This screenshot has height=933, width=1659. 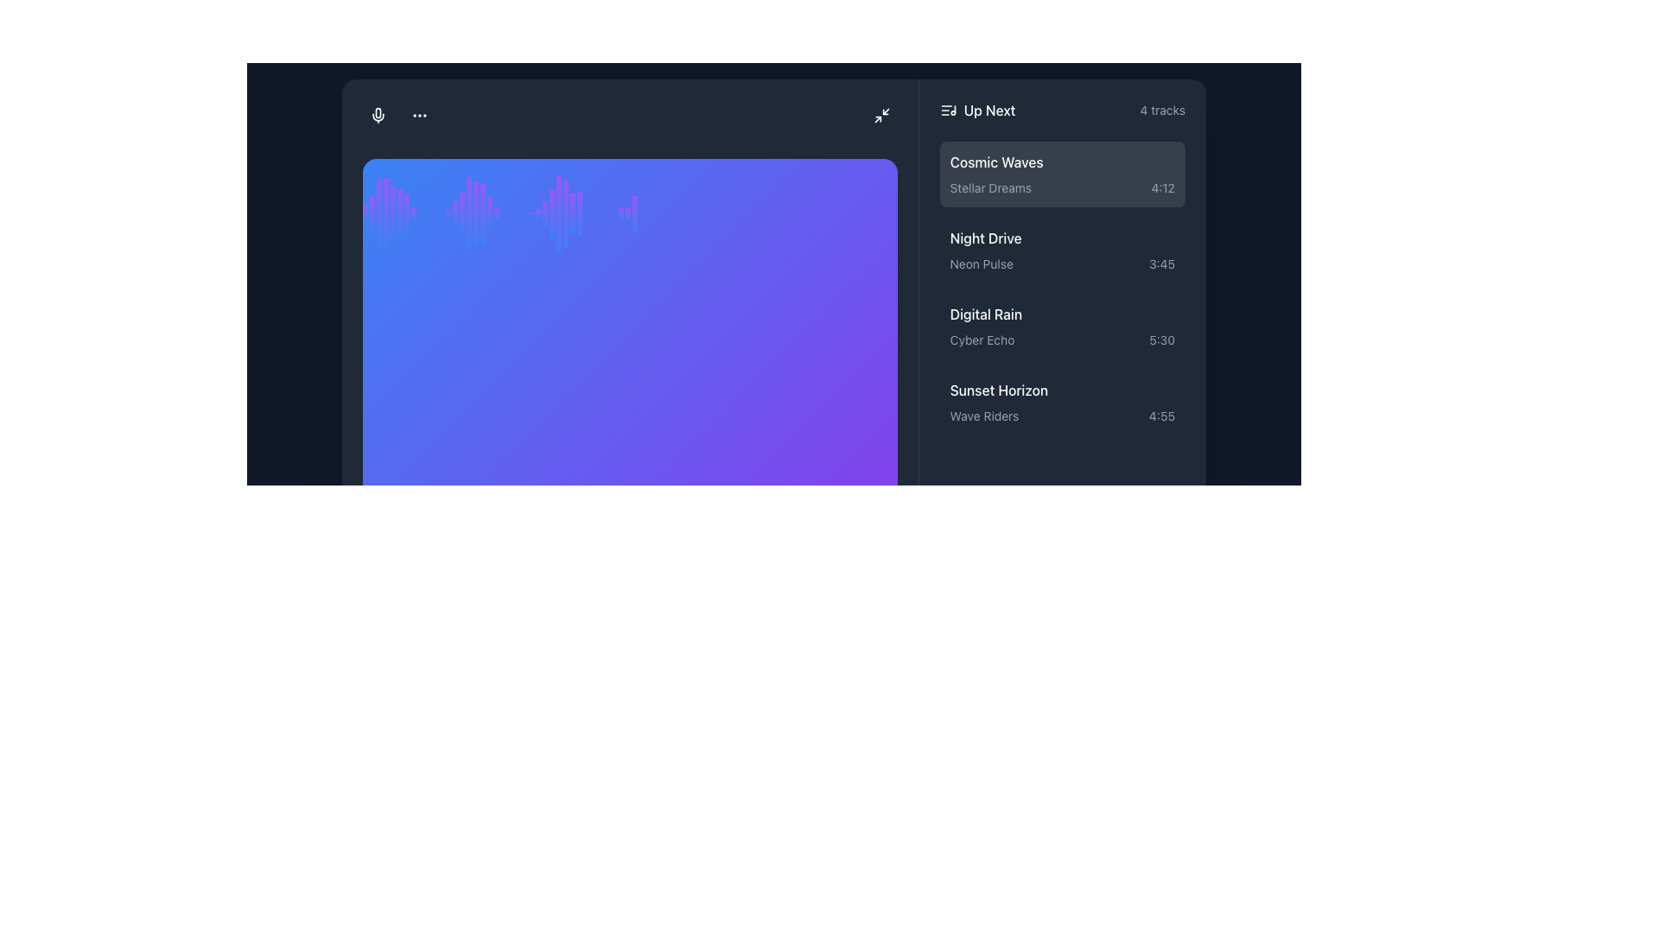 What do you see at coordinates (1162, 340) in the screenshot?
I see `the text label displaying '5:30' located on the right side of the 'Digital Rain Cyber Echo' row in the 'Up Next' section` at bounding box center [1162, 340].